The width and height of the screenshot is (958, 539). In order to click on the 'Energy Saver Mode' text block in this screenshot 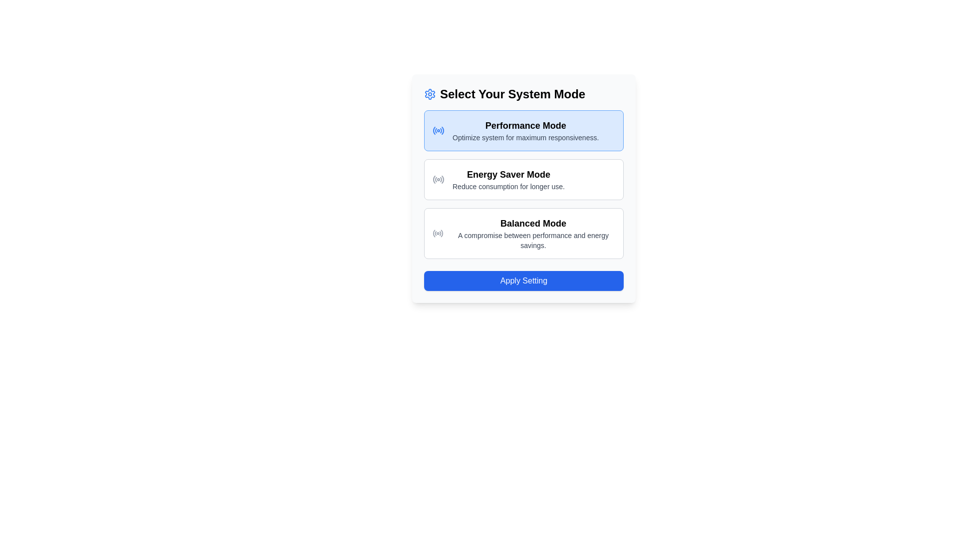, I will do `click(508, 179)`.